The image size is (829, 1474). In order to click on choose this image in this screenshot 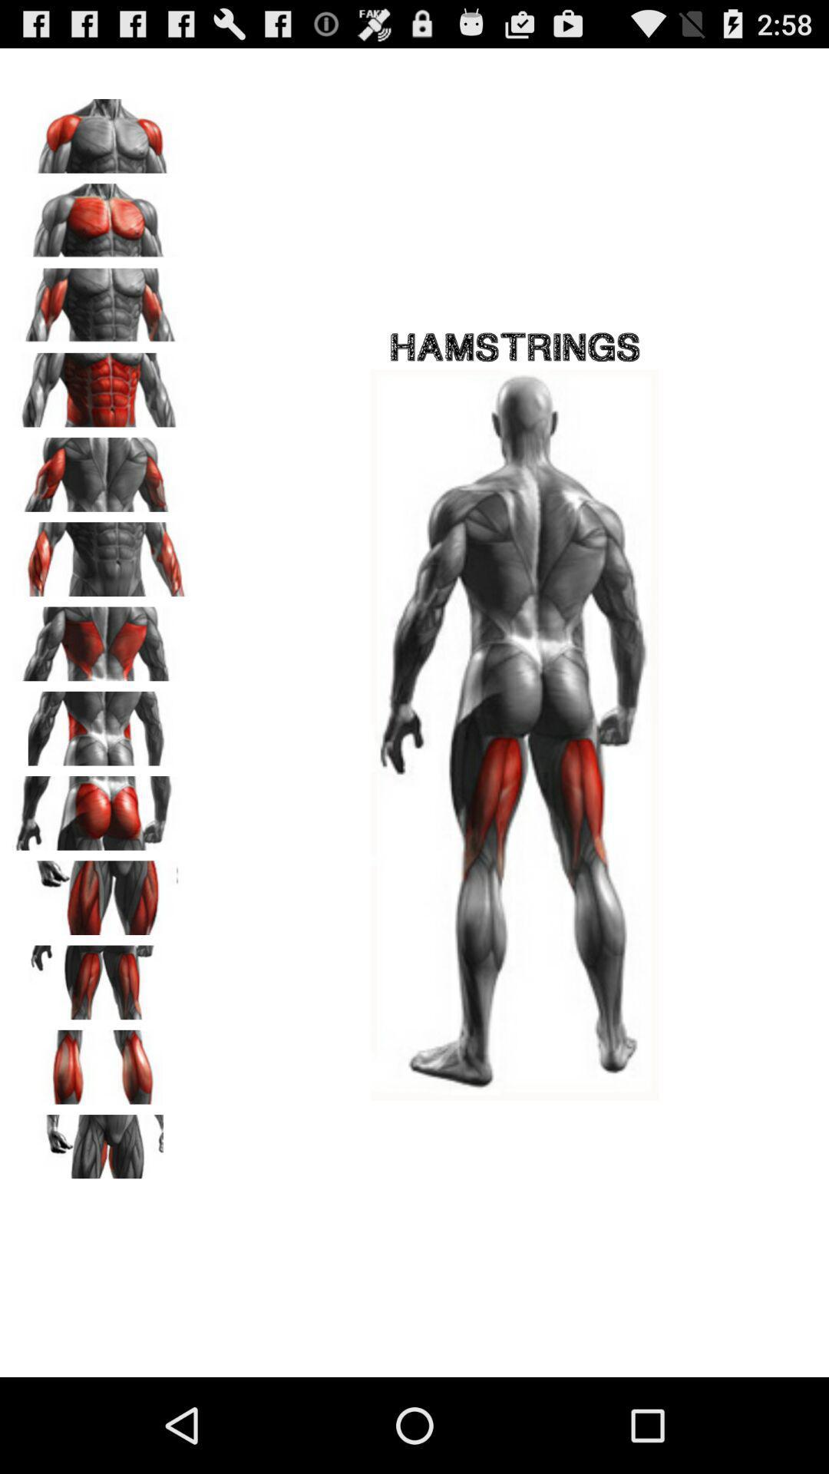, I will do `click(101, 214)`.